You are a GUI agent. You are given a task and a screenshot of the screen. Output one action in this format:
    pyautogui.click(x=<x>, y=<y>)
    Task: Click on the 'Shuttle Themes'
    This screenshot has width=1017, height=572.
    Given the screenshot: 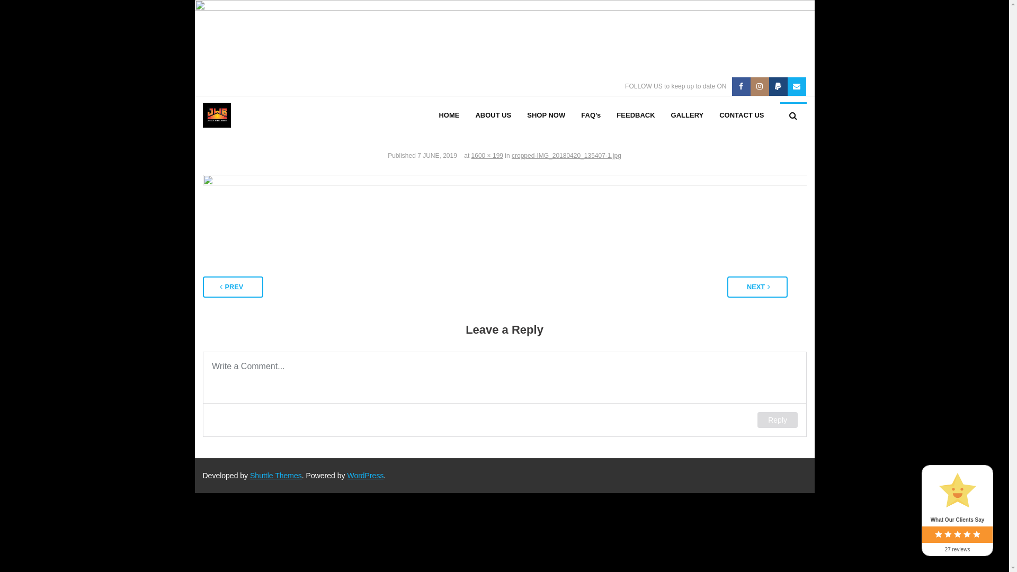 What is the action you would take?
    pyautogui.click(x=276, y=475)
    